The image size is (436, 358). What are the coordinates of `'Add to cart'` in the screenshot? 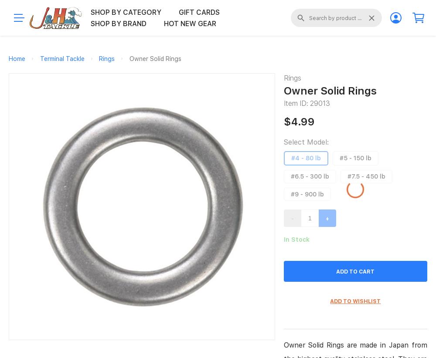 It's located at (336, 271).